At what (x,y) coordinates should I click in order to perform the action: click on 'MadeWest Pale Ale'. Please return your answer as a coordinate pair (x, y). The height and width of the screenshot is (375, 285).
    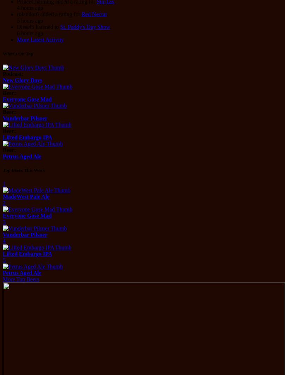
    Looking at the image, I should click on (26, 196).